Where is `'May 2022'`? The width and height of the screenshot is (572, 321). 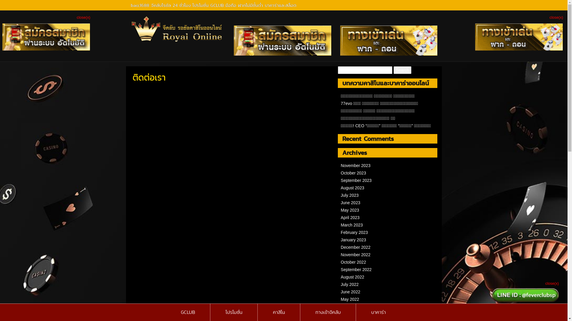
'May 2022' is located at coordinates (350, 299).